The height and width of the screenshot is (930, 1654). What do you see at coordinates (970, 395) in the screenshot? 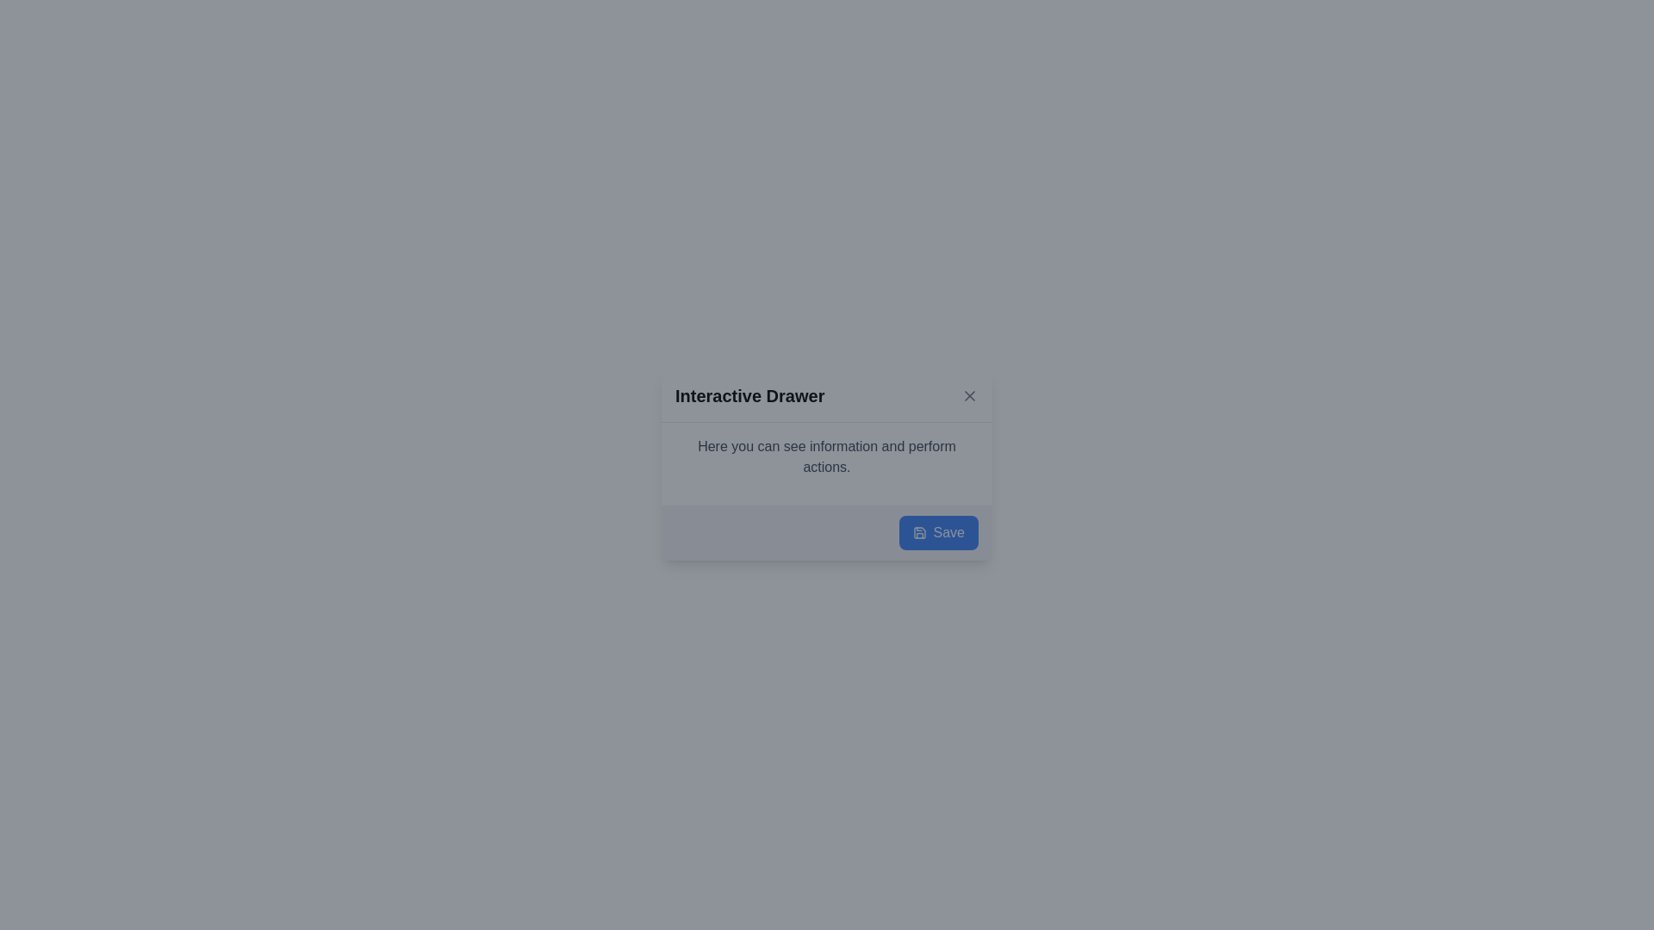
I see `the small gray button with an 'X' icon located in the upper-right corner of the 'Interactive Drawer' box` at bounding box center [970, 395].